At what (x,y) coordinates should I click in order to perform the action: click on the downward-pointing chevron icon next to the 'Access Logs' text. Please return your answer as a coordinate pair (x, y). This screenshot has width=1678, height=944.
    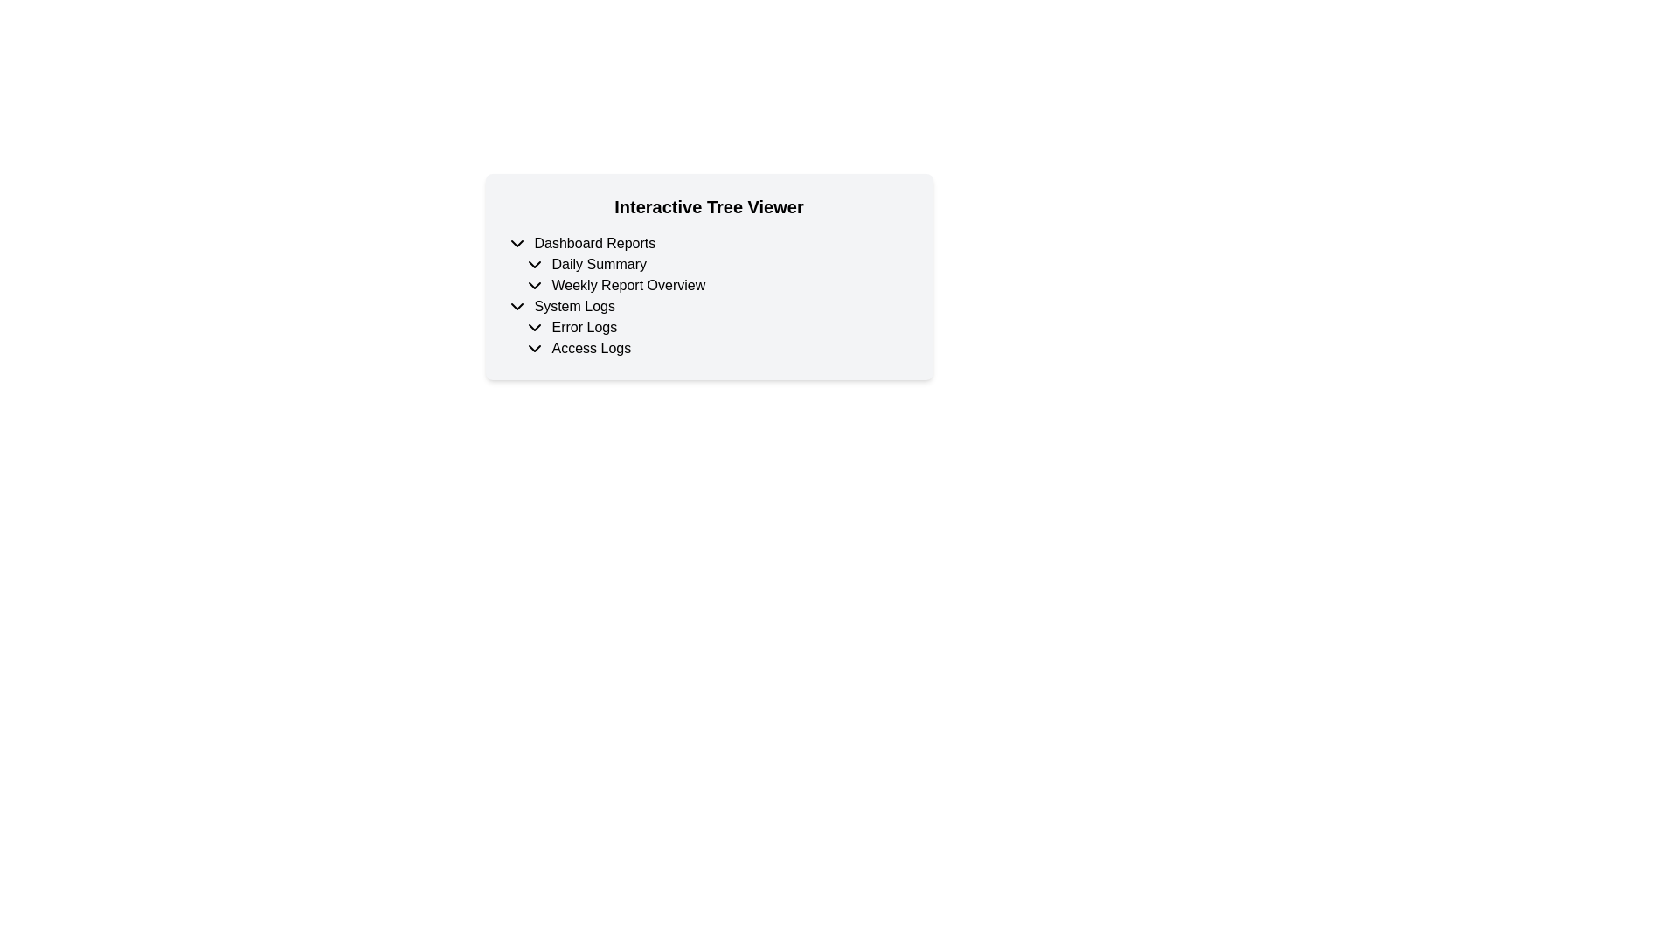
    Looking at the image, I should click on (533, 348).